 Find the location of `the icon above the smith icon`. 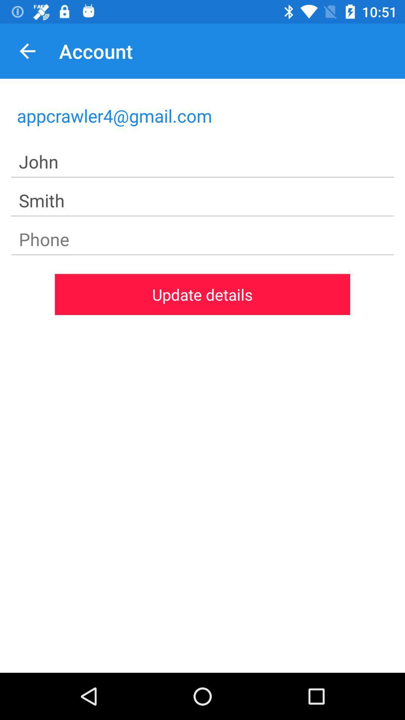

the icon above the smith icon is located at coordinates (202, 162).